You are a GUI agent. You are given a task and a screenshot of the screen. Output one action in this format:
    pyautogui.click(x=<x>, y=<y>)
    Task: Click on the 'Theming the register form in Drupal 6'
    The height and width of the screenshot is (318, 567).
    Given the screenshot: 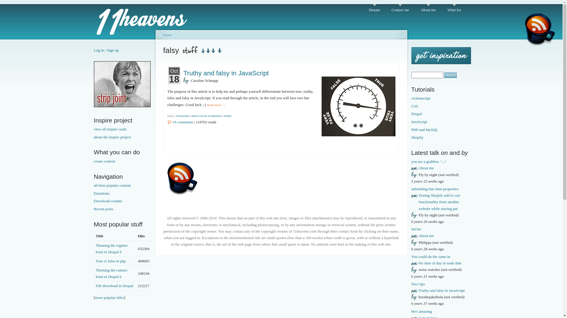 What is the action you would take?
    pyautogui.click(x=112, y=249)
    